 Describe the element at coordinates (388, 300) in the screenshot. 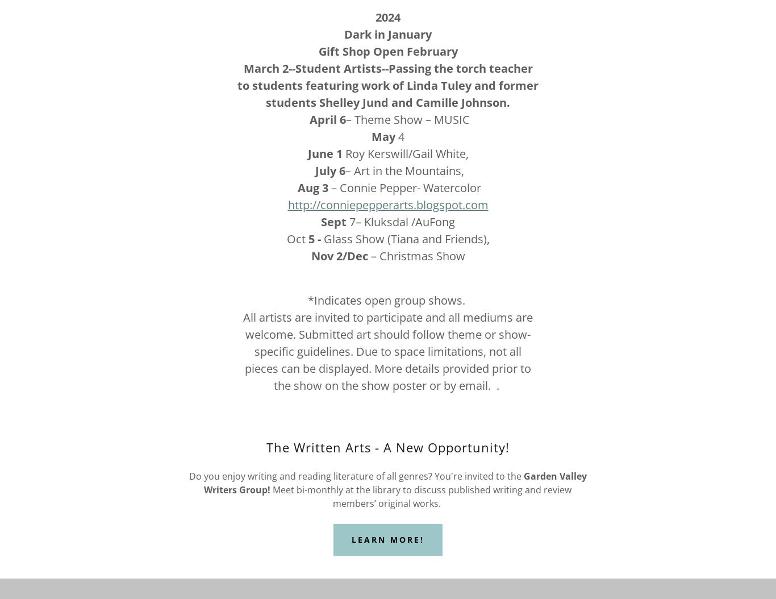

I see `'*Indicates open group shows.'` at that location.